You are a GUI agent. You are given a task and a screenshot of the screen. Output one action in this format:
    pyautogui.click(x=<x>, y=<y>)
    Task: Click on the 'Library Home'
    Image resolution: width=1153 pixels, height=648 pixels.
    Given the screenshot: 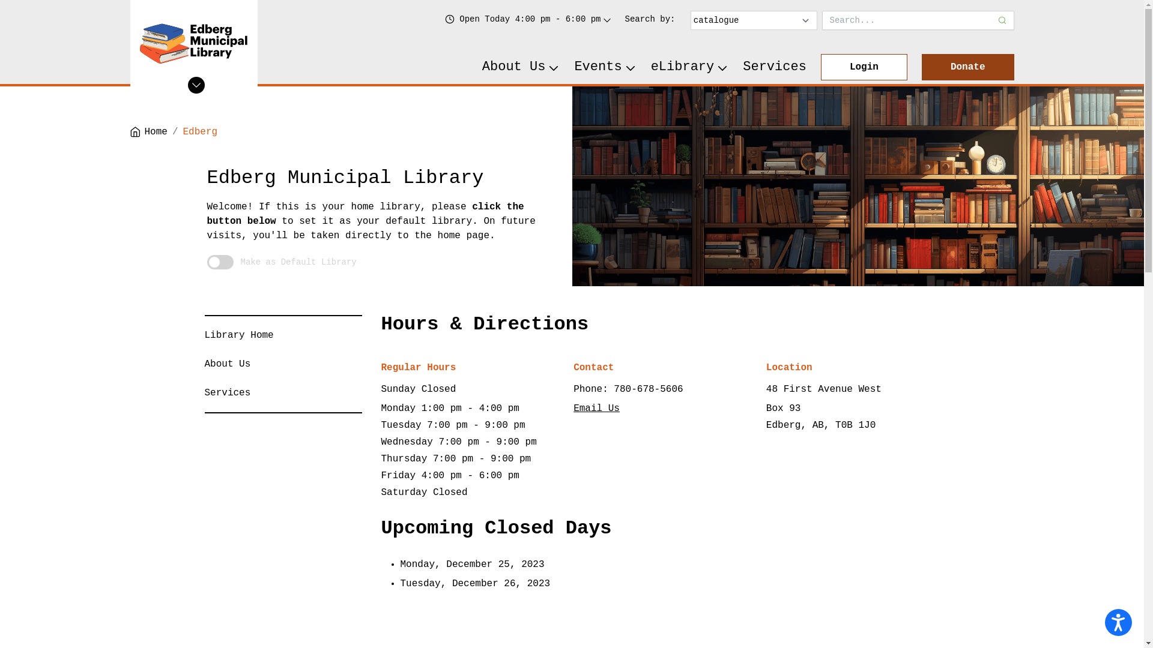 What is the action you would take?
    pyautogui.click(x=238, y=335)
    